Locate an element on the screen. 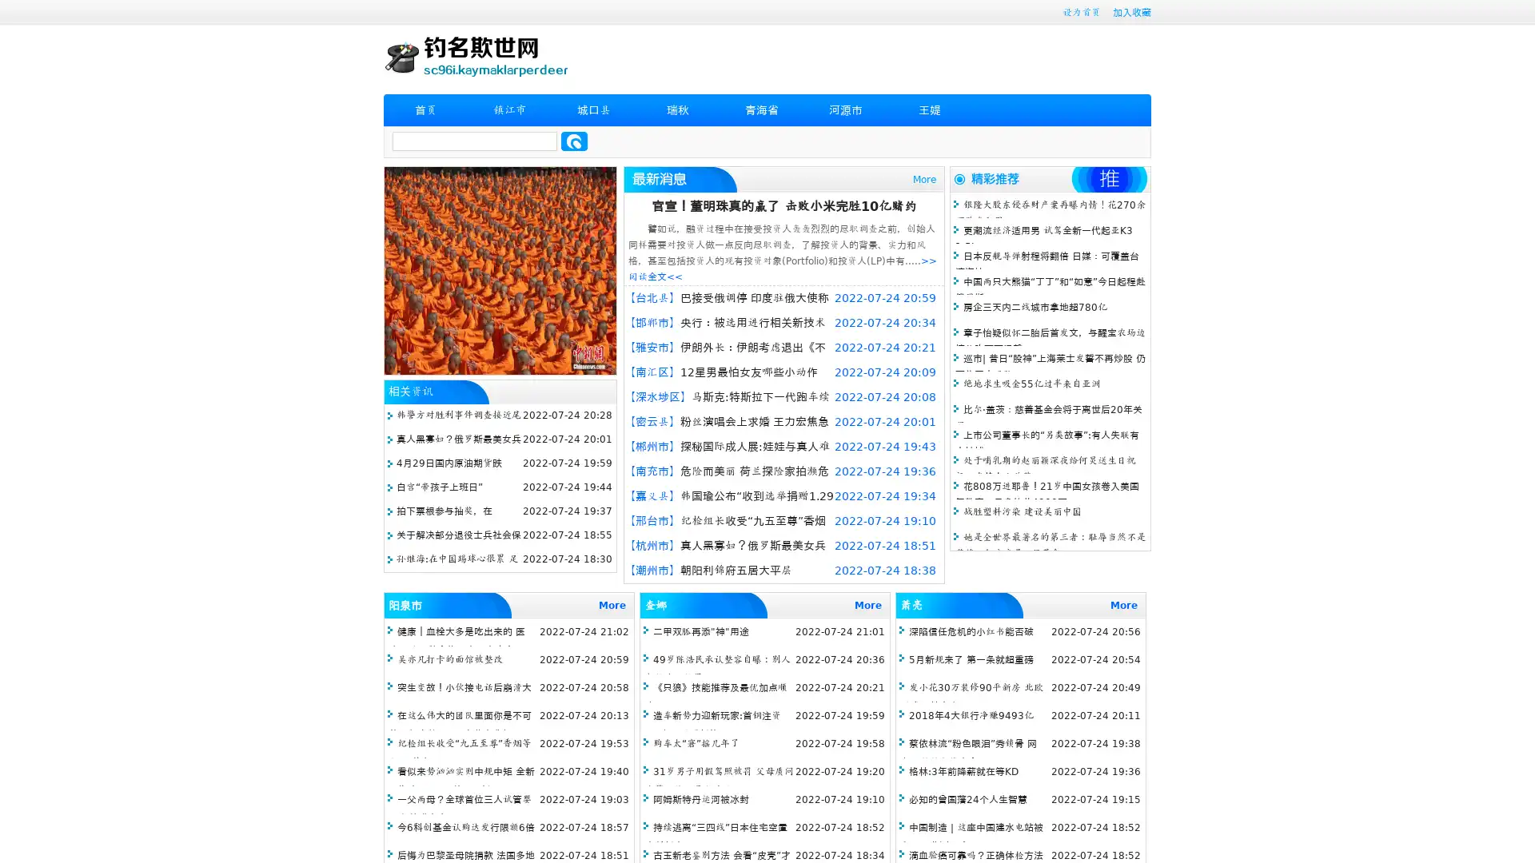 The image size is (1535, 863). Search is located at coordinates (574, 141).